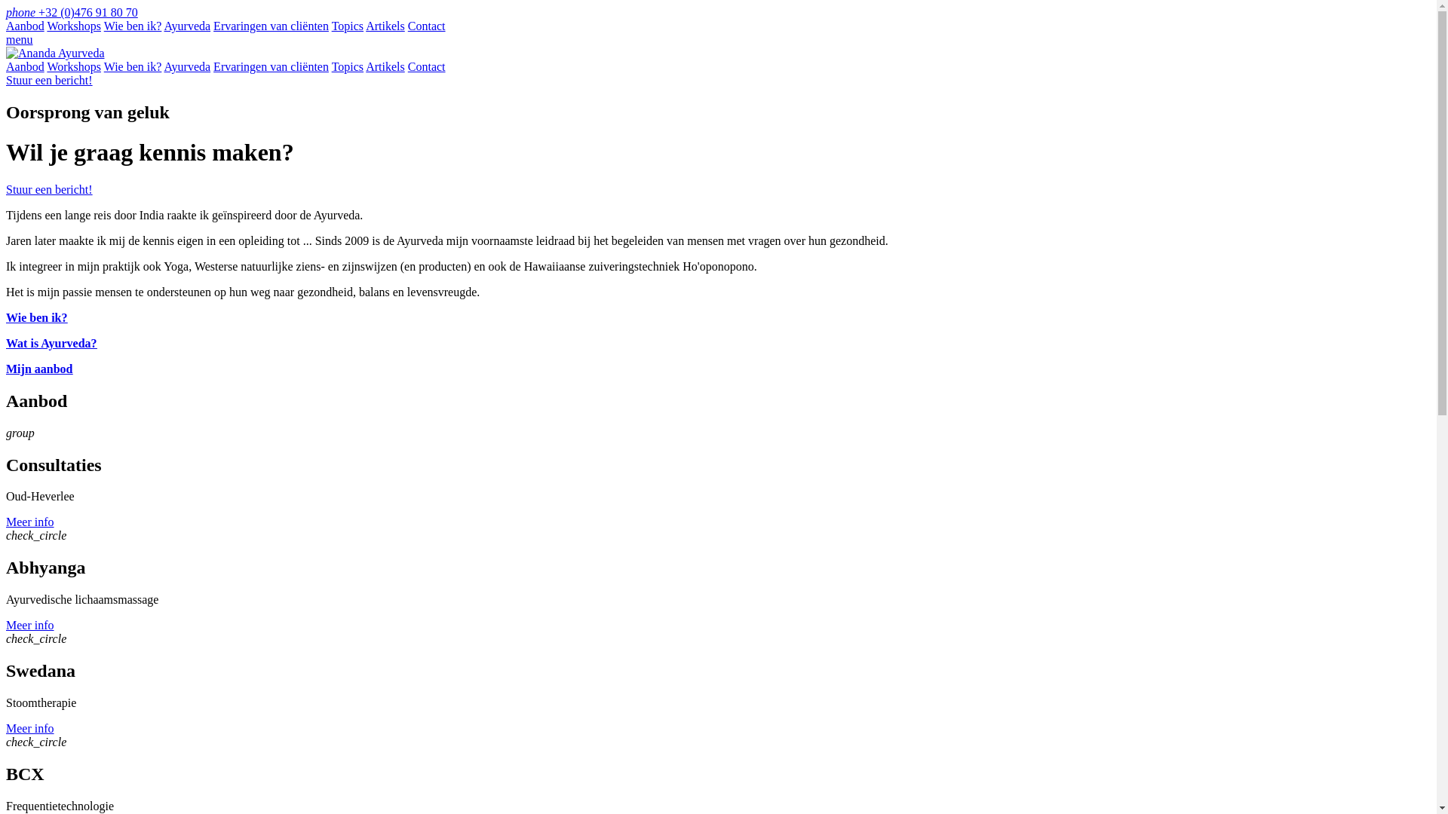 Image resolution: width=1448 pixels, height=814 pixels. I want to click on 'Contact', so click(426, 26).